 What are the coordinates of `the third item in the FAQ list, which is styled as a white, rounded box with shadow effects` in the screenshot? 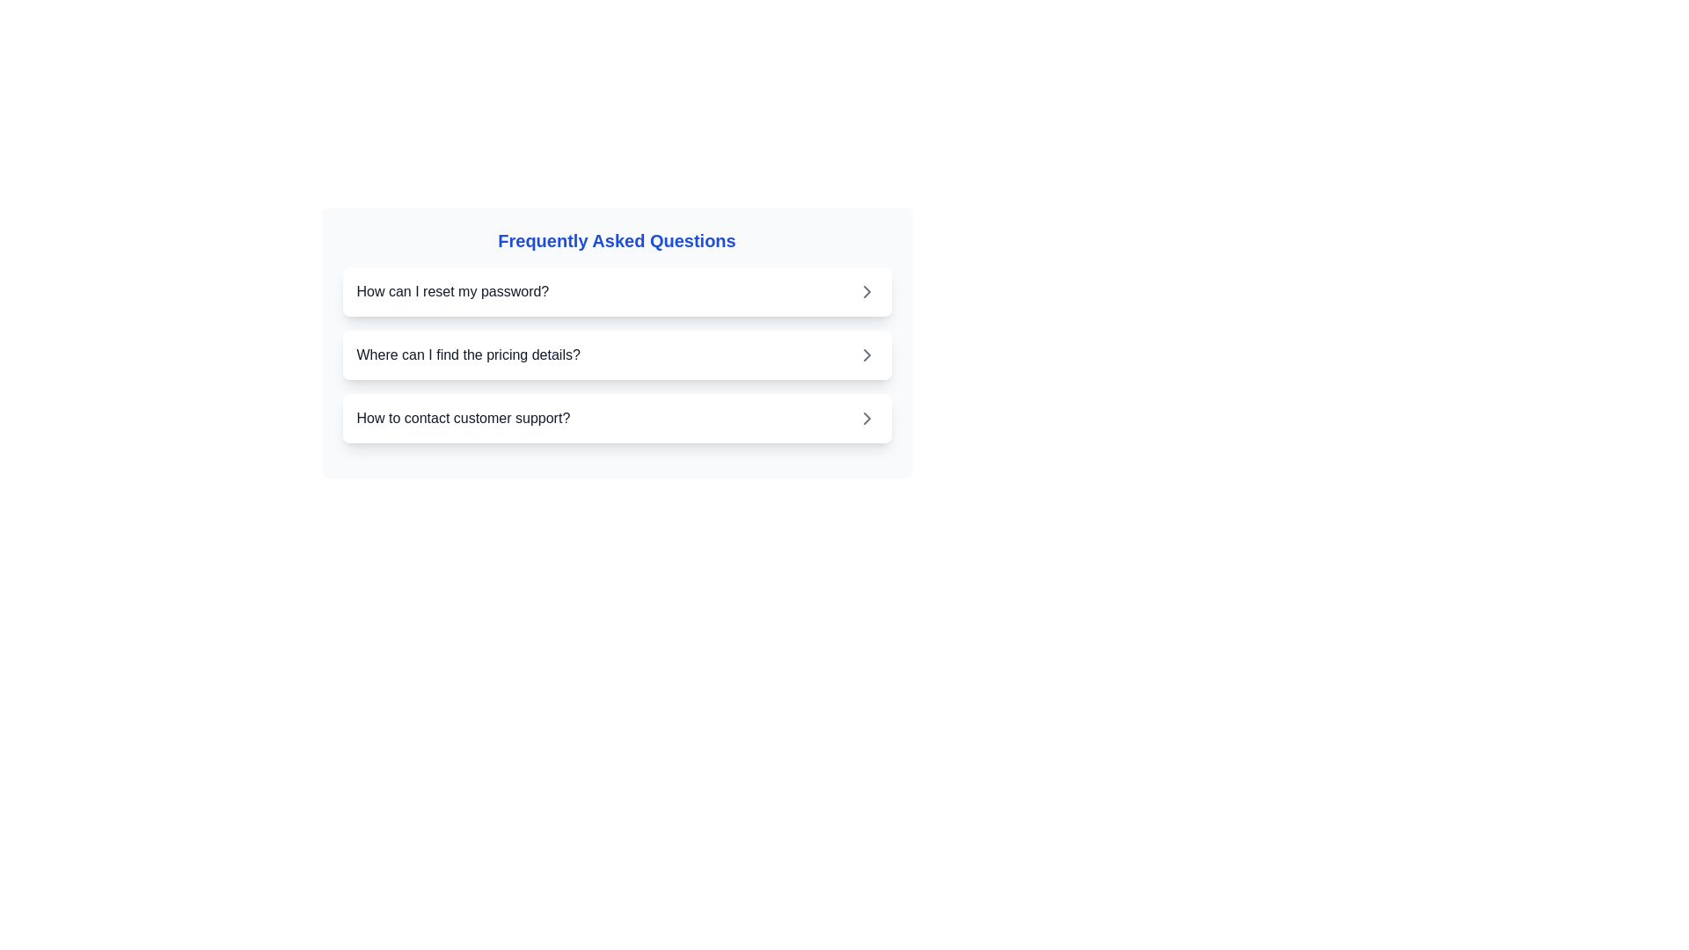 It's located at (617, 418).